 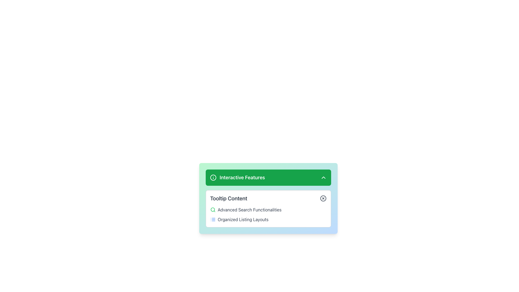 I want to click on the Text component displaying 'Tooltip Content', which is centrally placed above a list of options in a light-themed section, so click(x=229, y=198).